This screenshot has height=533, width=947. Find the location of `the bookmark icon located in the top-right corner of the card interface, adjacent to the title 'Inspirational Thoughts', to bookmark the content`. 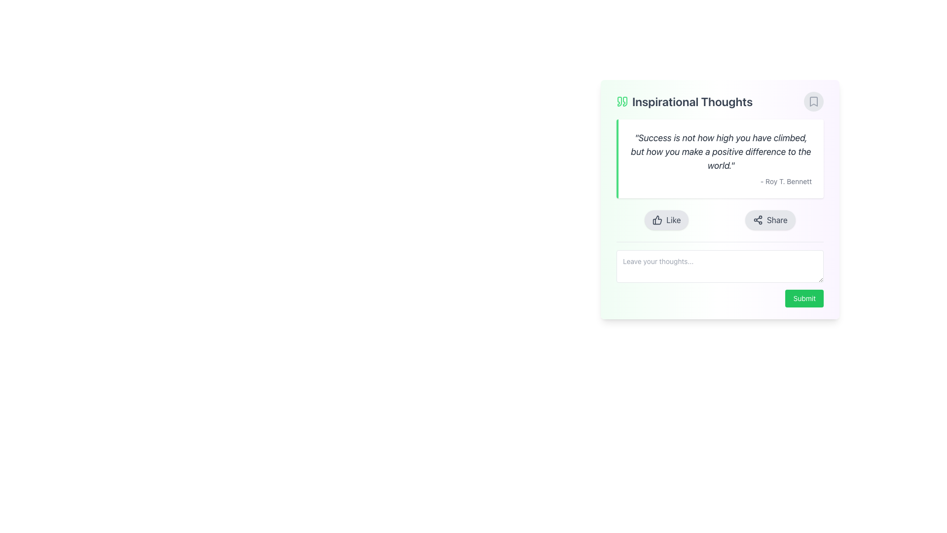

the bookmark icon located in the top-right corner of the card interface, adjacent to the title 'Inspirational Thoughts', to bookmark the content is located at coordinates (814, 101).